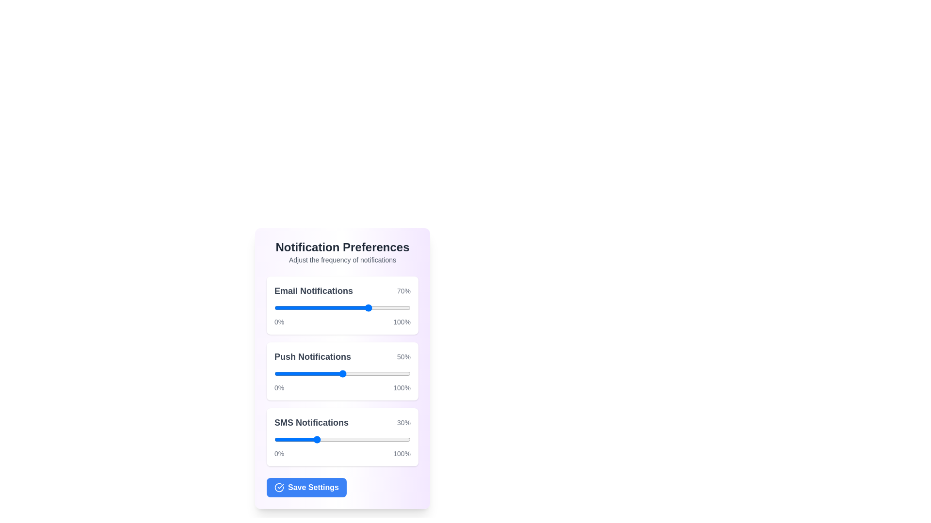 The width and height of the screenshot is (931, 523). Describe the element at coordinates (342, 291) in the screenshot. I see `the 'Email Notifications' text label element, which displays the text in a bold font and shows a percentage value of '70%' to its right, located near the top of the 'Notification Preferences' section` at that location.